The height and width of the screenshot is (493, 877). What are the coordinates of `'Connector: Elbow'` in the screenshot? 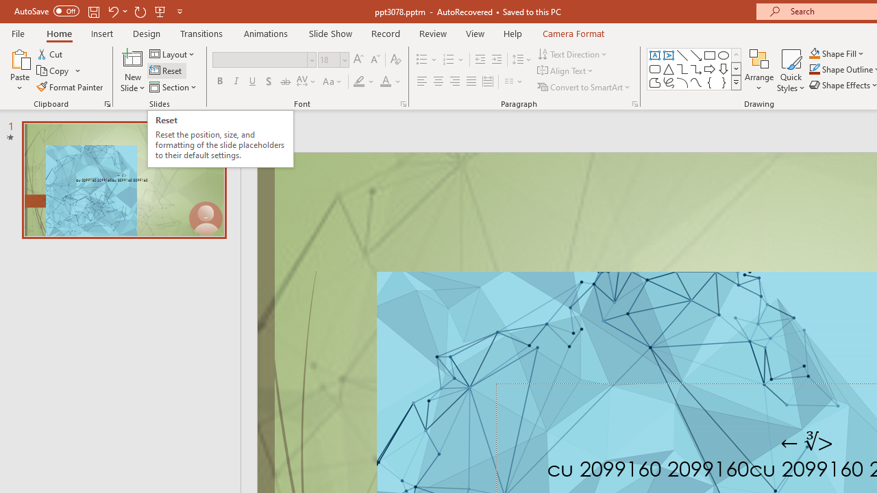 It's located at (682, 68).